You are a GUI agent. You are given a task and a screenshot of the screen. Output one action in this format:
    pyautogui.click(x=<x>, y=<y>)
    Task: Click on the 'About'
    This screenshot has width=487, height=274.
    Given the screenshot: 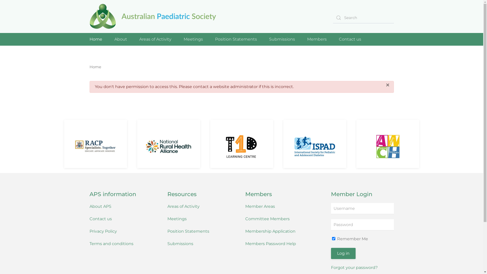 What is the action you would take?
    pyautogui.click(x=120, y=39)
    